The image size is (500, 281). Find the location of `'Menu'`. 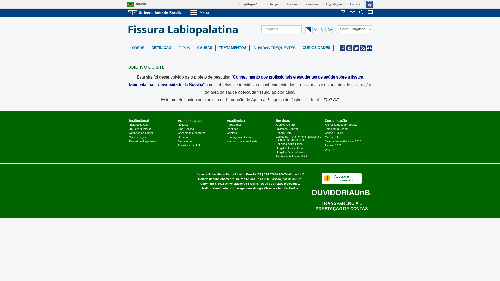

'Menu' is located at coordinates (213, 12).